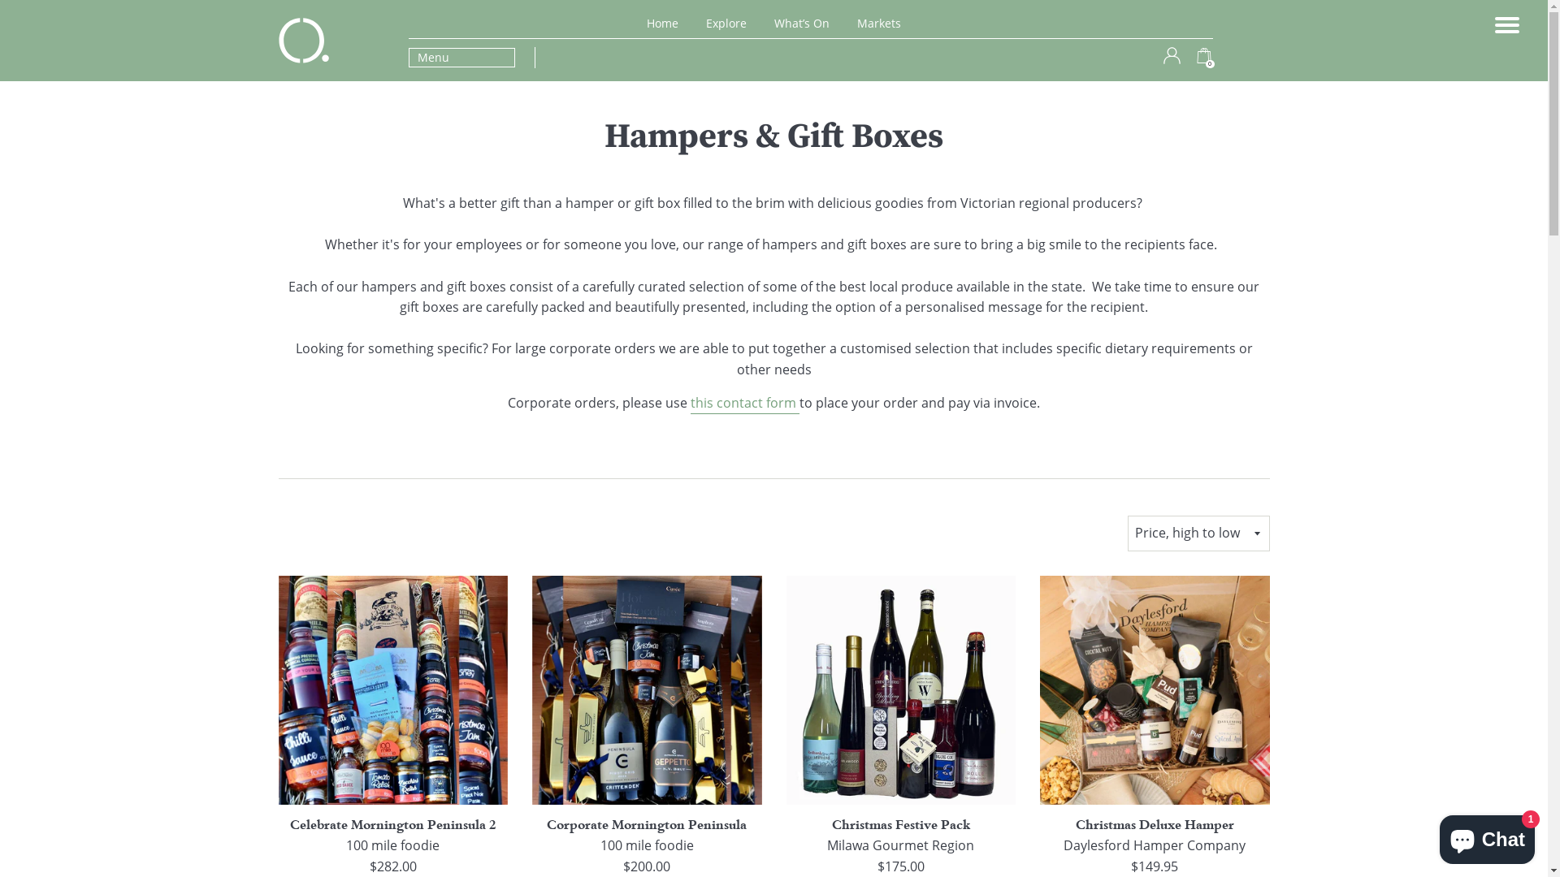 This screenshot has width=1560, height=877. Describe the element at coordinates (1154, 823) in the screenshot. I see `'Christmas Deluxe Hamper'` at that location.